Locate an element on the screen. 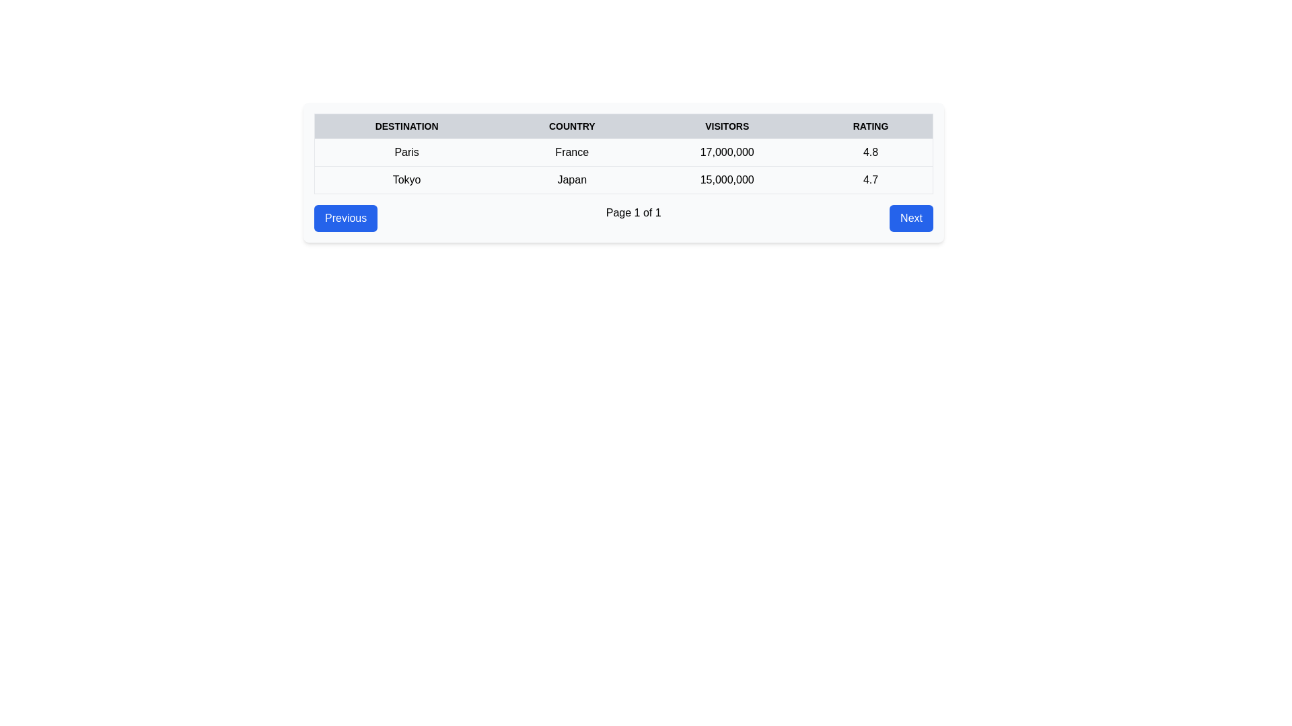 Image resolution: width=1292 pixels, height=726 pixels. the text label 'Tokyo' displayed in the first column of the second row of a table, which is styled with bold black text and centered alignment is located at coordinates (406, 179).